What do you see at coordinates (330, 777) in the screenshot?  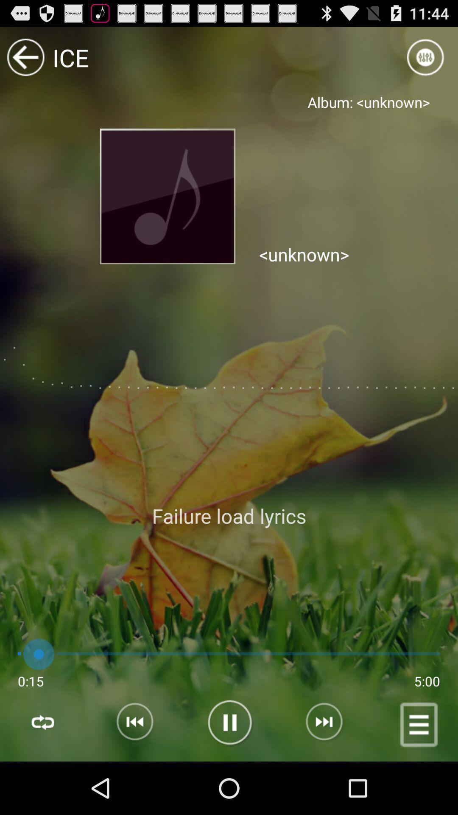 I see `the skip_next icon` at bounding box center [330, 777].